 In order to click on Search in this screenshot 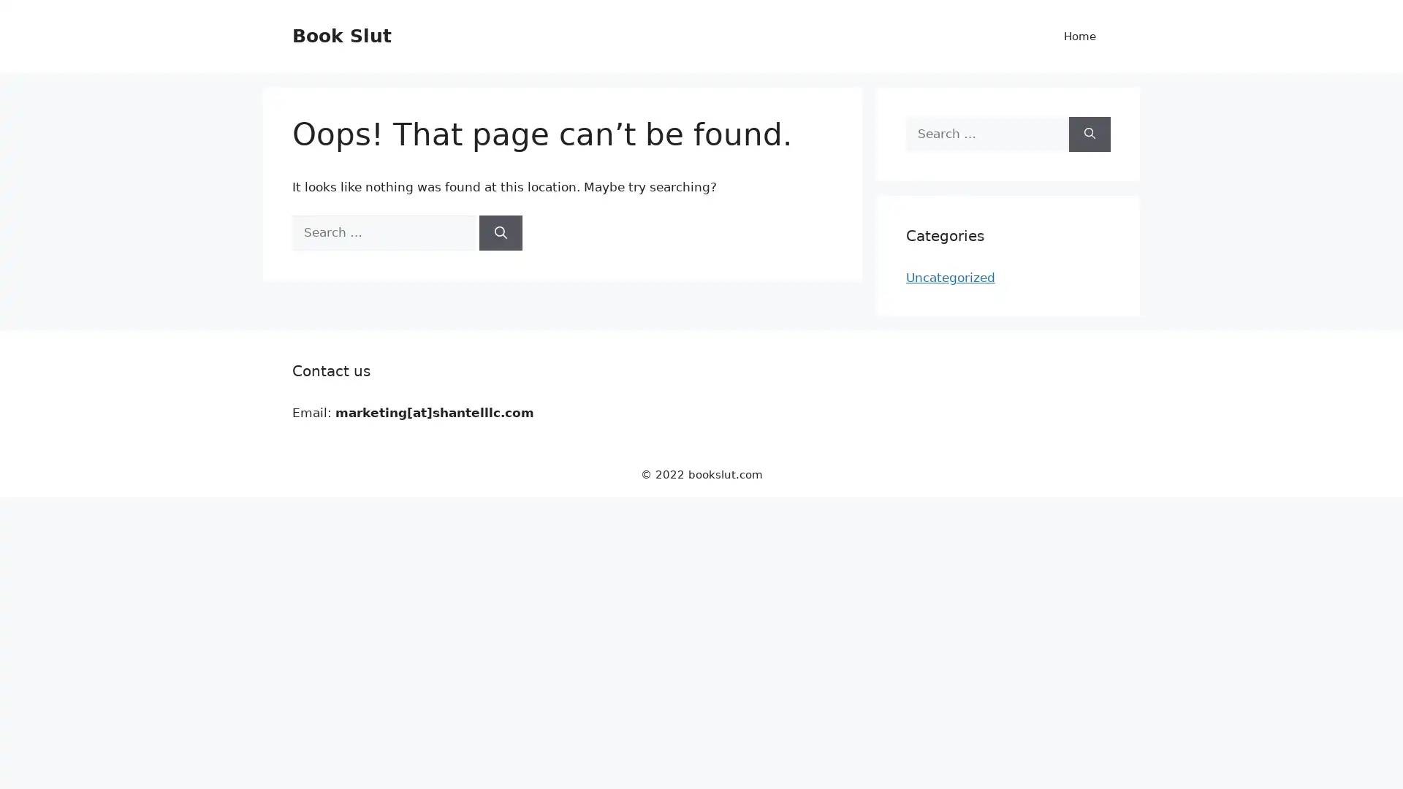, I will do `click(501, 232)`.